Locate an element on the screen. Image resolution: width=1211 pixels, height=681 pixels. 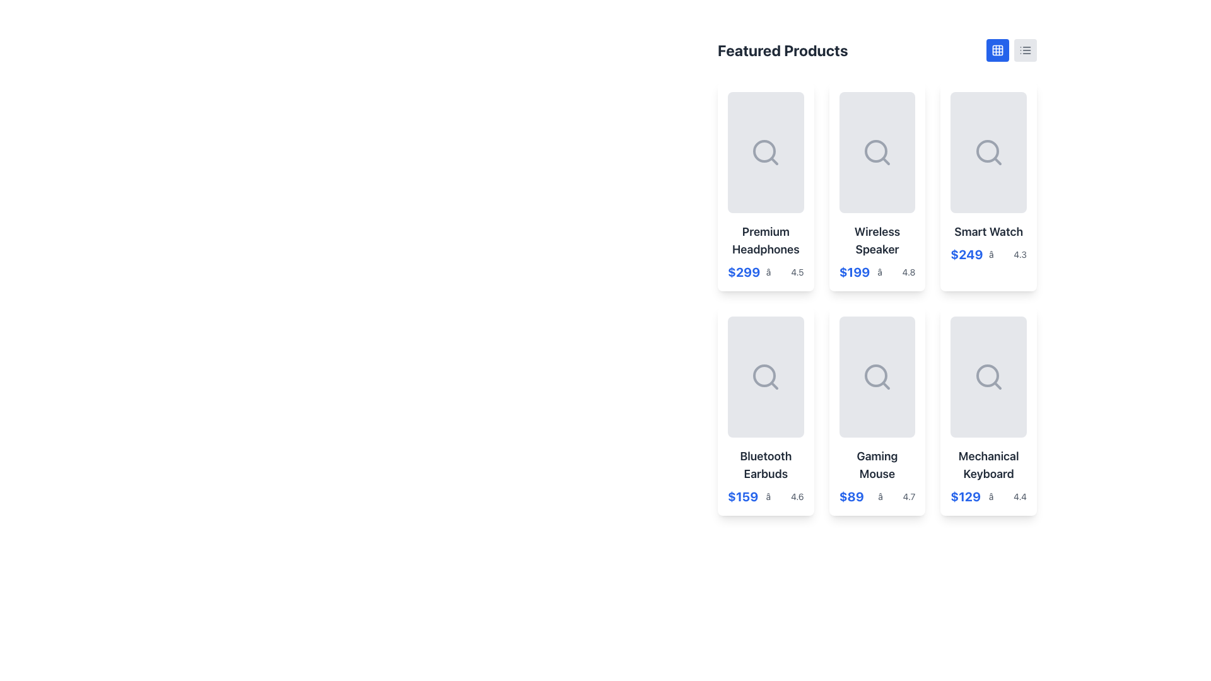
the bold, blue text displaying the price '$199' located under the product title 'Wireless Speaker' in the middle column of the first row of the product grid is located at coordinates (854, 272).